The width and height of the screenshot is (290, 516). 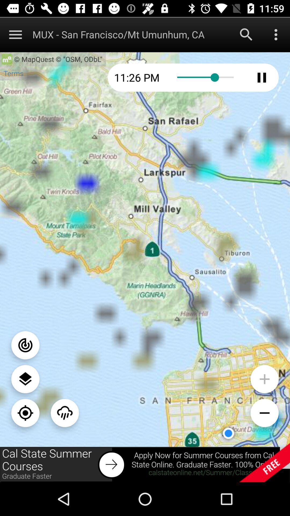 I want to click on the layers icon, so click(x=25, y=379).